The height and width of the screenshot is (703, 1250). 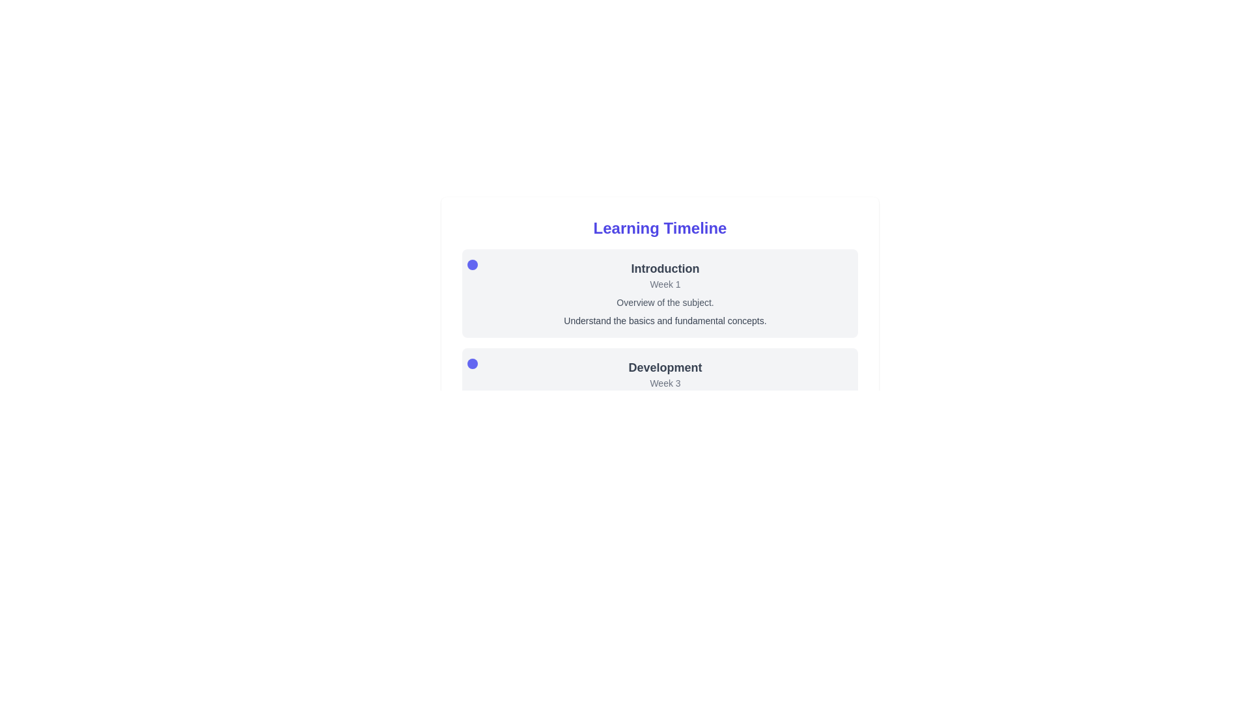 What do you see at coordinates (660, 391) in the screenshot?
I see `the Text-block that displays 'Development' in bold dark gray and 'Week 3' in smaller light gray font, located below the 'Introduction' box and above the 'Application' box` at bounding box center [660, 391].